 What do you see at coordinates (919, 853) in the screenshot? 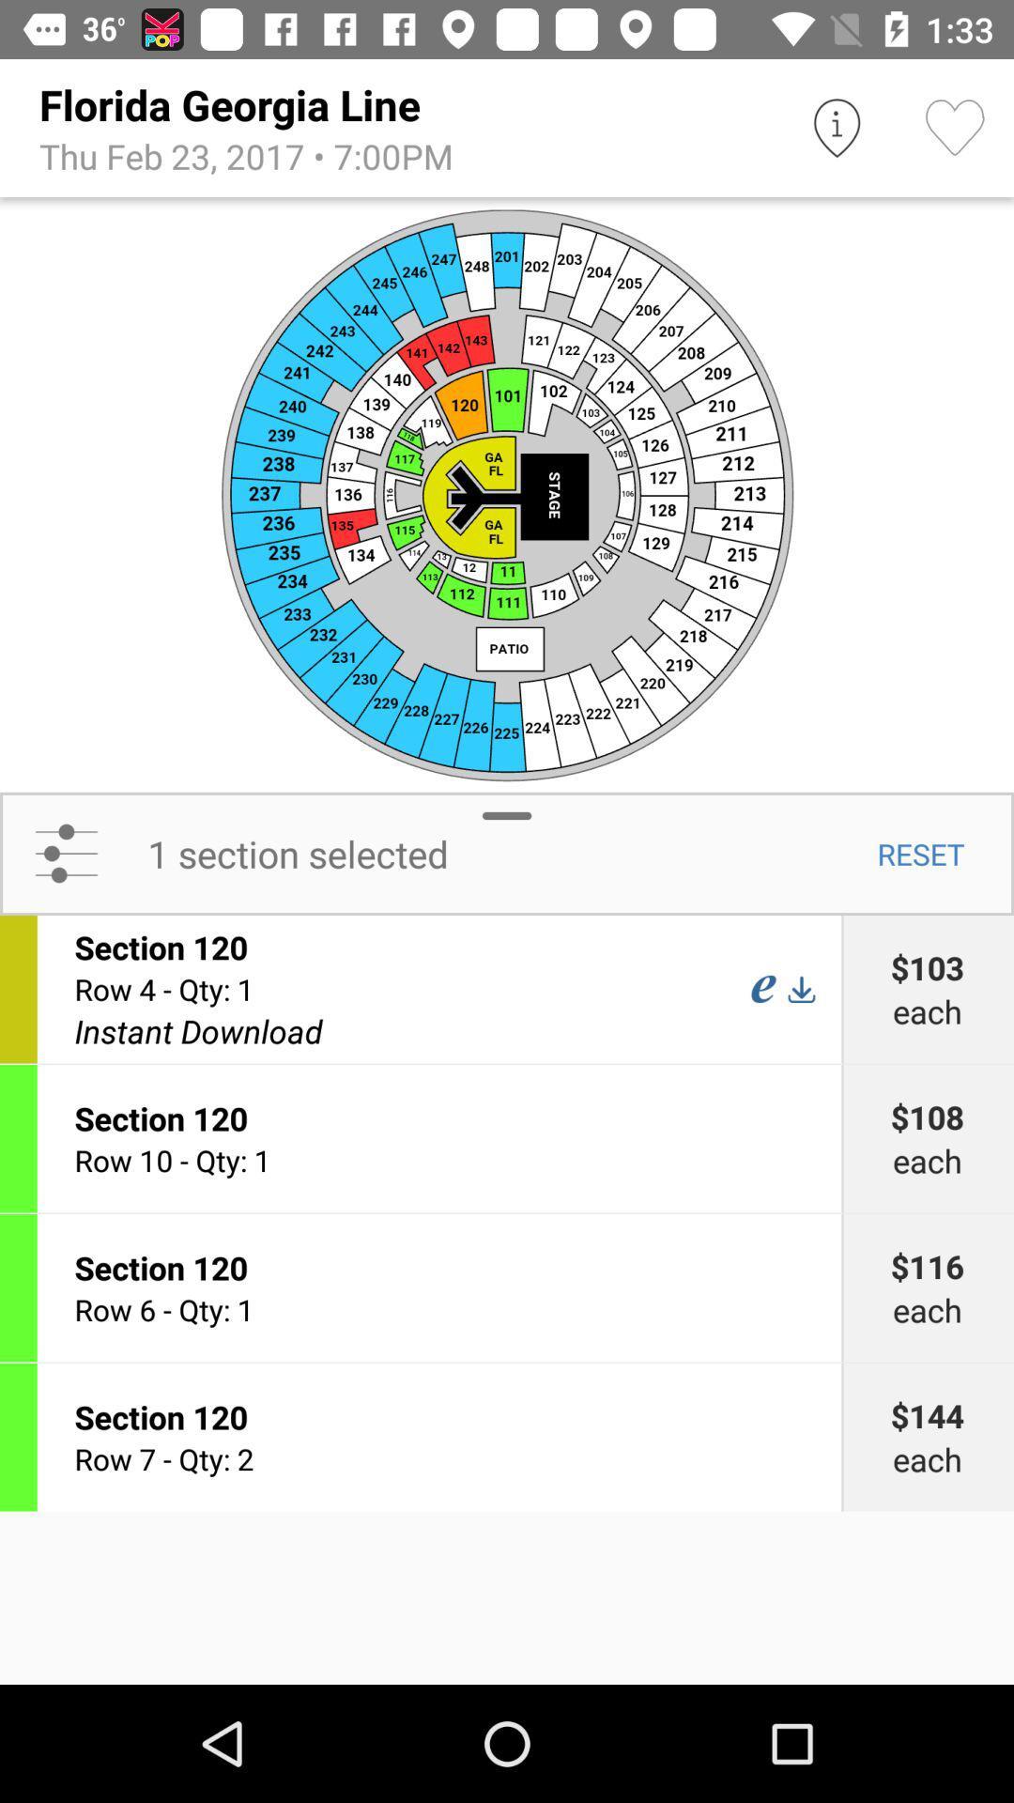
I see `the reset` at bounding box center [919, 853].